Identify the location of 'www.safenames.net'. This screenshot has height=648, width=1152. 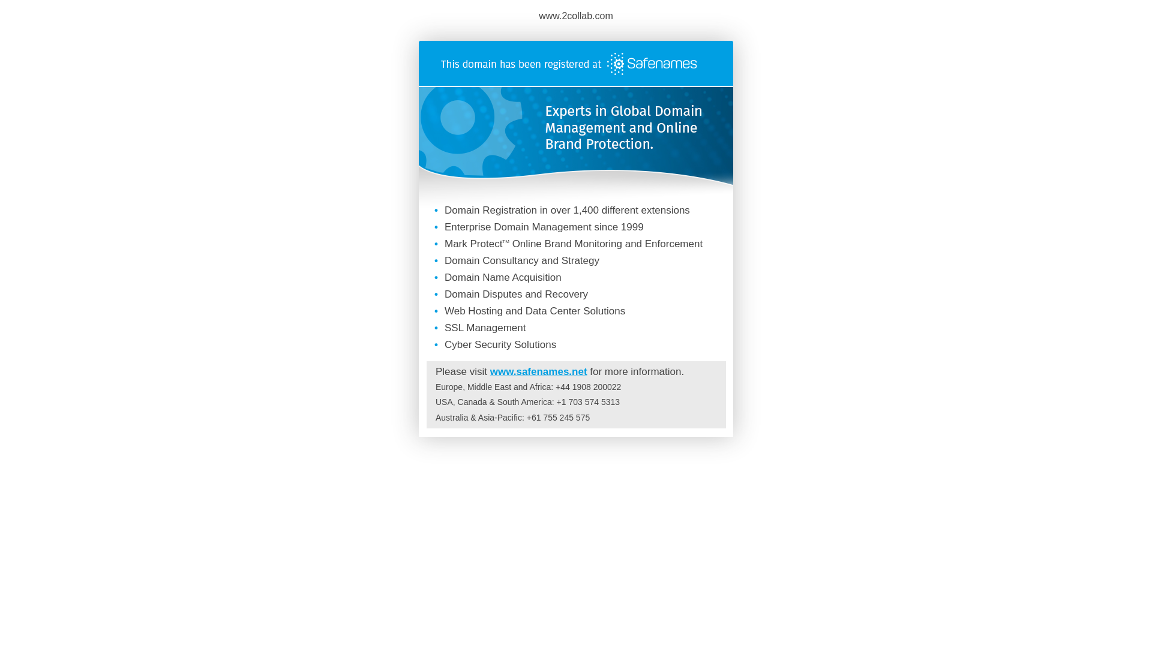
(538, 371).